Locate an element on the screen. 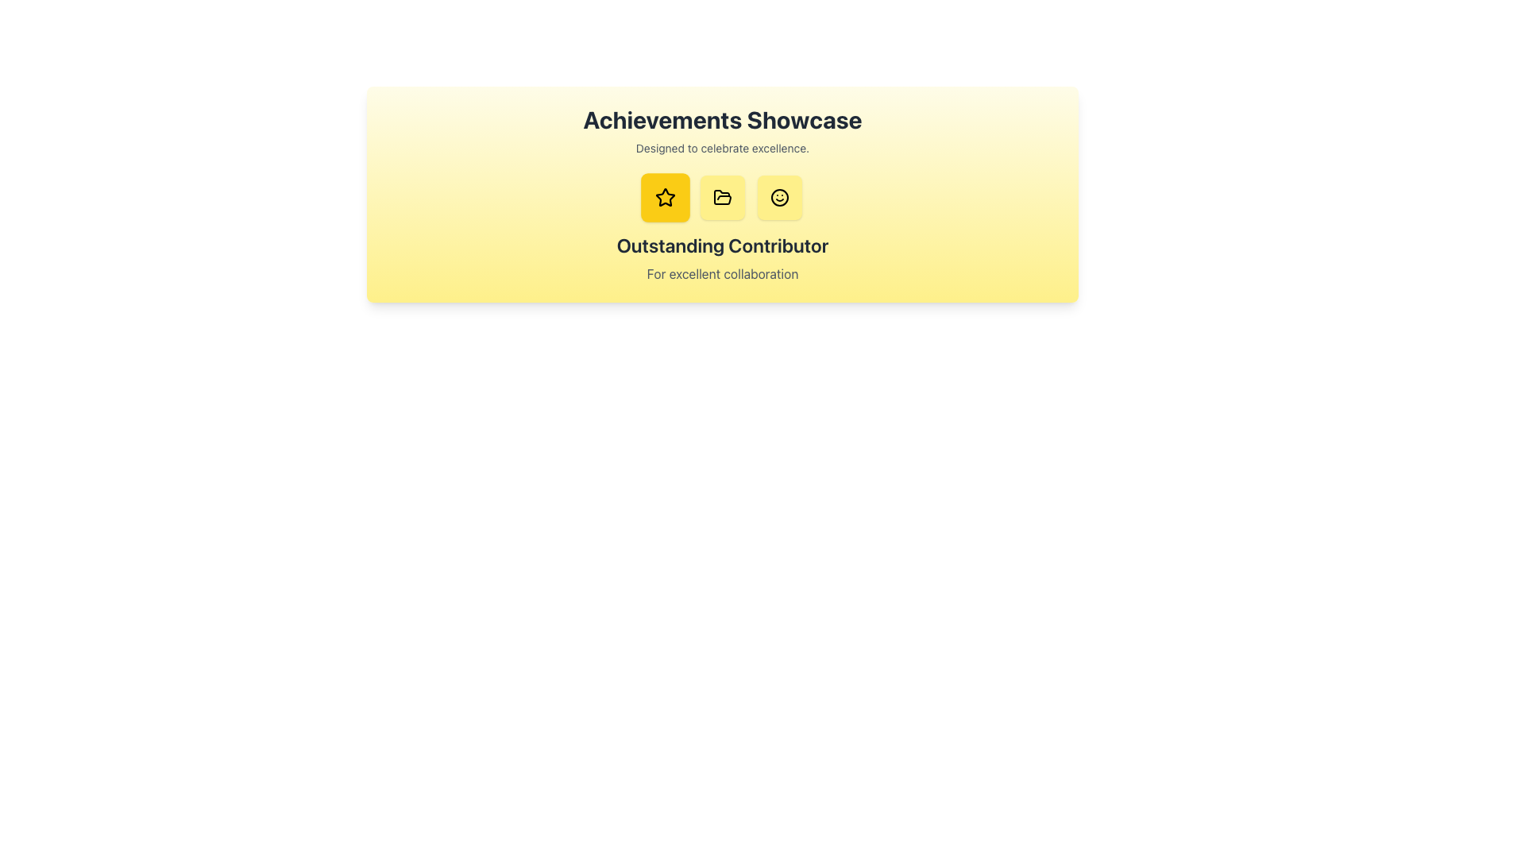 This screenshot has height=858, width=1525. the Text header that serves as a title for the section on celebrating achievements, located at the top of the yellow card is located at coordinates (722, 118).